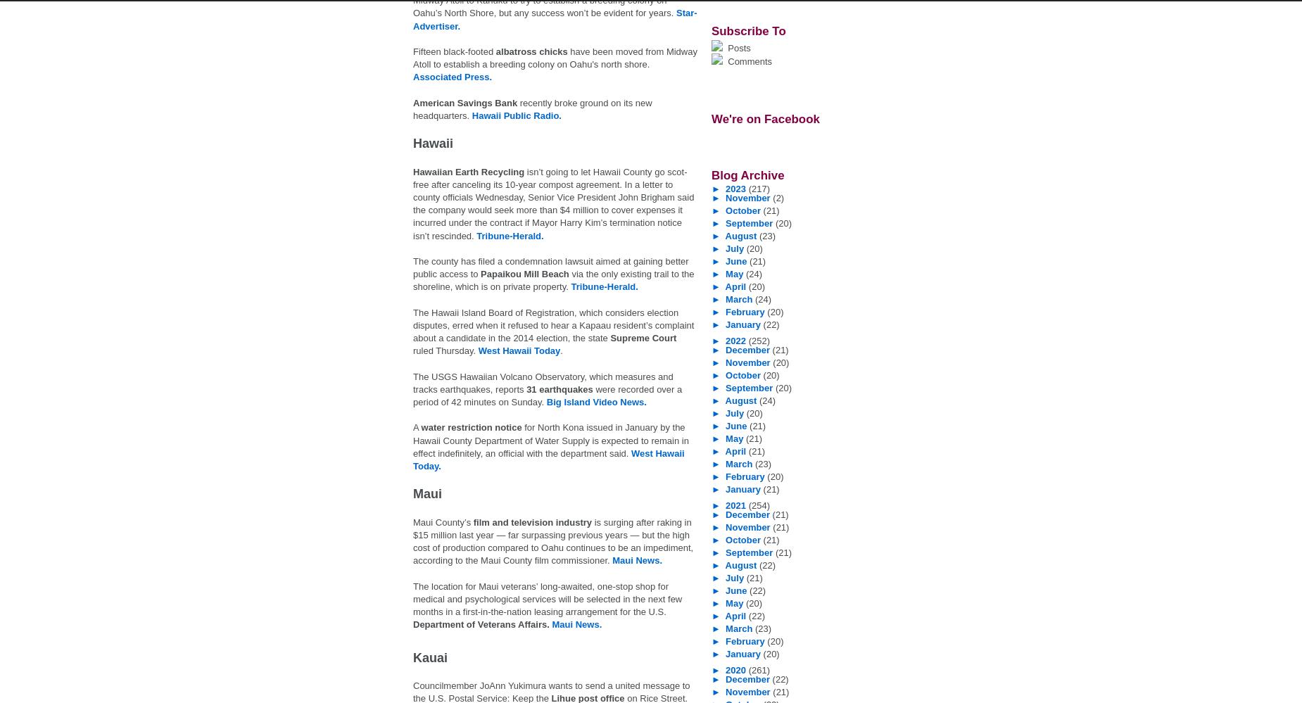  Describe the element at coordinates (413, 203) in the screenshot. I see `'isn’t going to let Hawaii County go scot-free after canceling its 10-year compost agreement. In a letter to county officials Wednesday, Senior Vice President John Brigham said the company would seek more than $4 million to cover expenses it incurred under the contract if Mayor Harry Kim’s termination notice isn’t rescinded.'` at that location.